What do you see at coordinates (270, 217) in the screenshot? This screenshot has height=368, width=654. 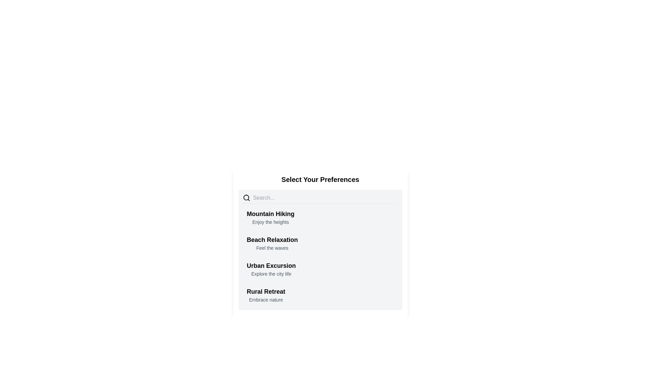 I see `the 'Mountain Hiking' informational display element` at bounding box center [270, 217].